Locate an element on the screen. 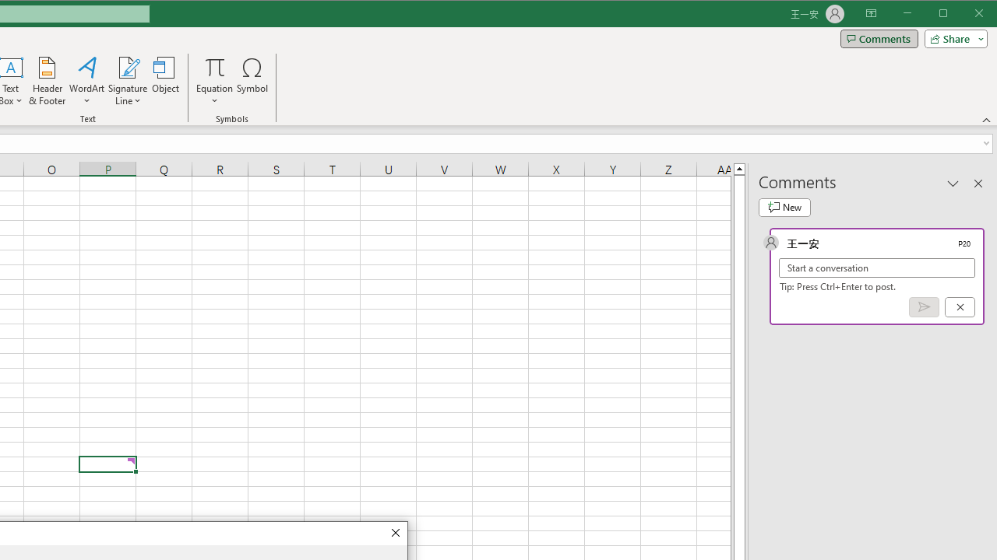 This screenshot has height=560, width=997. 'Symbol...' is located at coordinates (252, 81).